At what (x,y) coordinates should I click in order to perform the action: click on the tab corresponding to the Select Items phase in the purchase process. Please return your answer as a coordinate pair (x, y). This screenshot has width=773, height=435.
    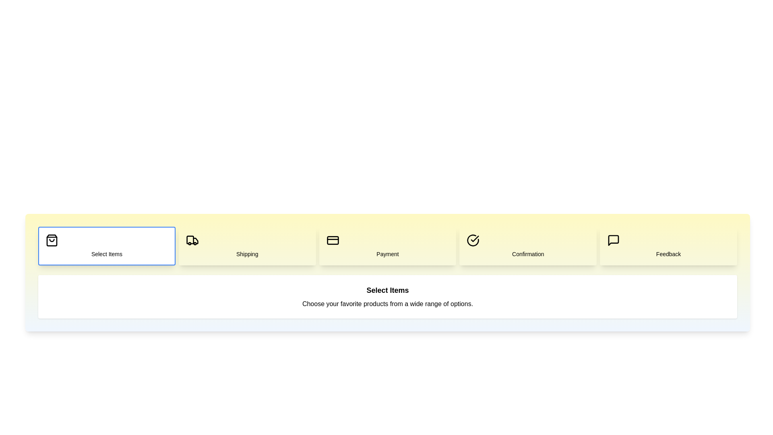
    Looking at the image, I should click on (106, 245).